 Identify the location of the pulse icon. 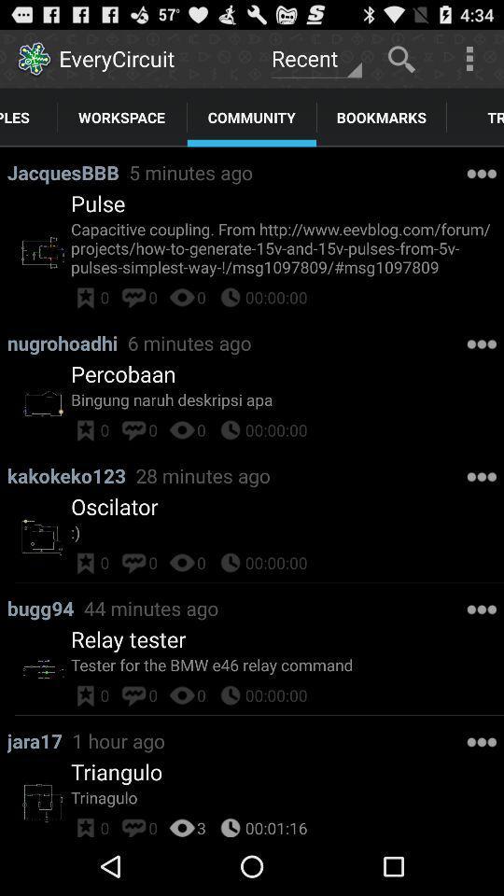
(98, 203).